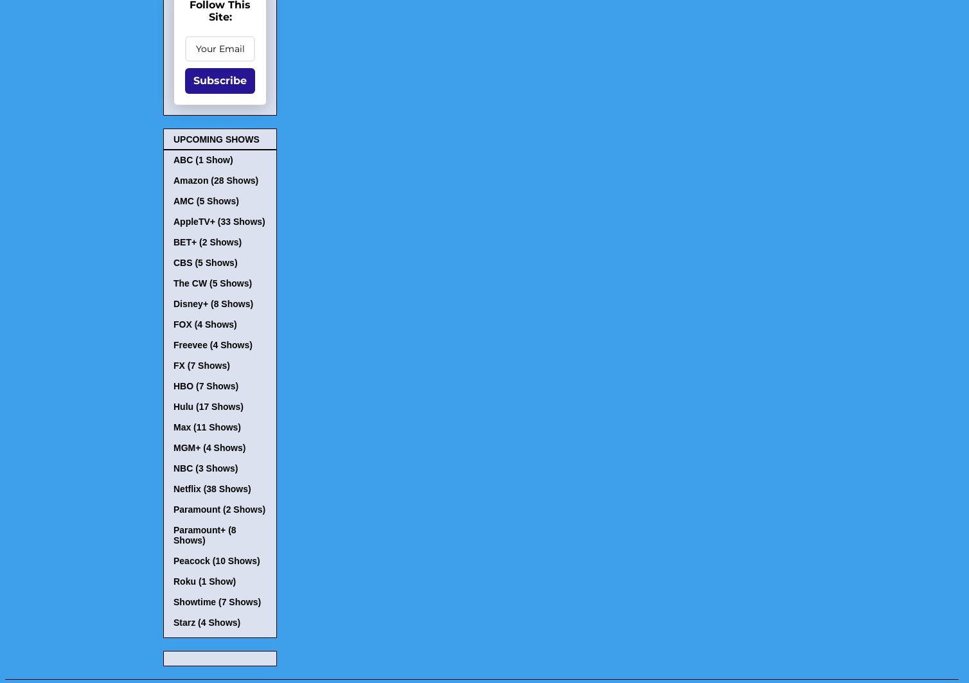 The height and width of the screenshot is (683, 969). I want to click on 'UPCOMING SHOWS', so click(172, 139).